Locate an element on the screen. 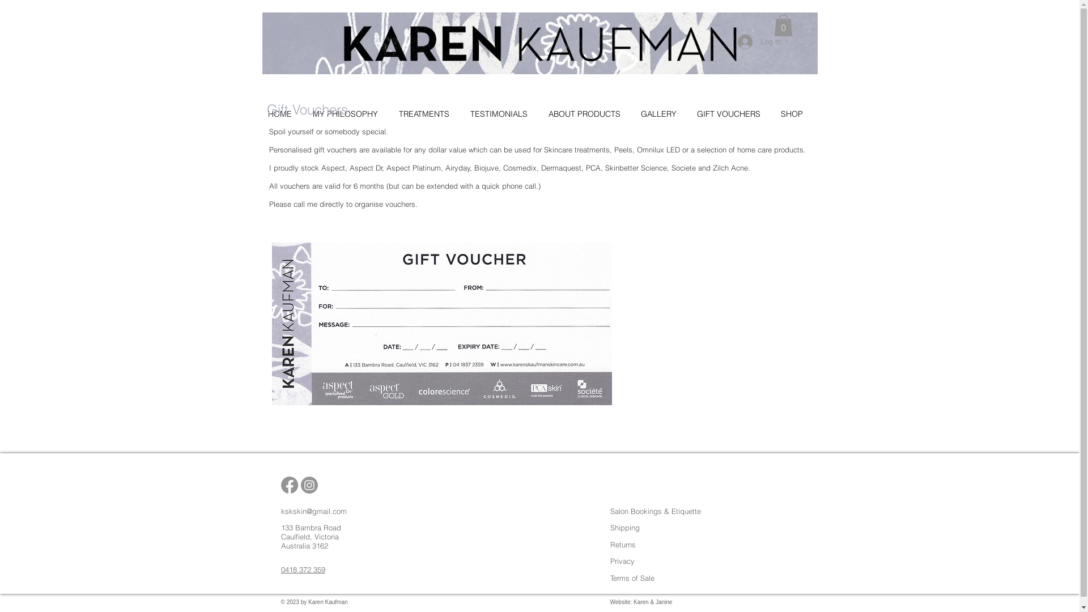  'GIFT VOUCHERS' is located at coordinates (733, 113).